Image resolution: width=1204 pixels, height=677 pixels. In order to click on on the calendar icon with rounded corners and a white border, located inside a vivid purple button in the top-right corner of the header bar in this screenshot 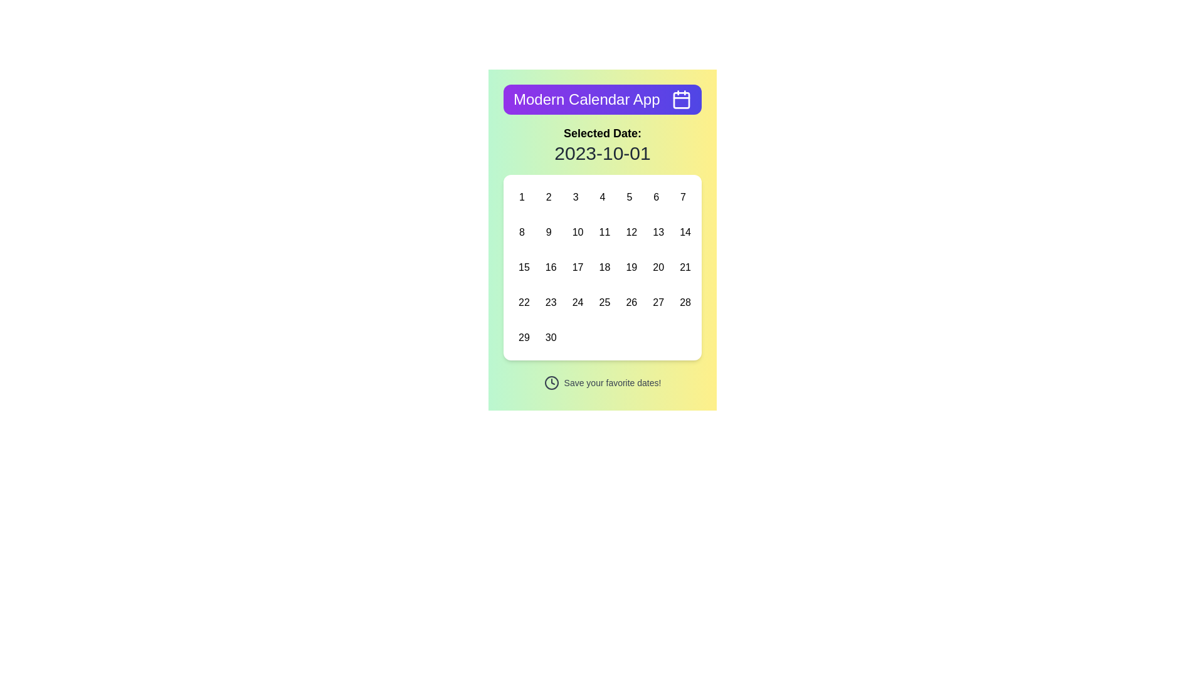, I will do `click(680, 98)`.